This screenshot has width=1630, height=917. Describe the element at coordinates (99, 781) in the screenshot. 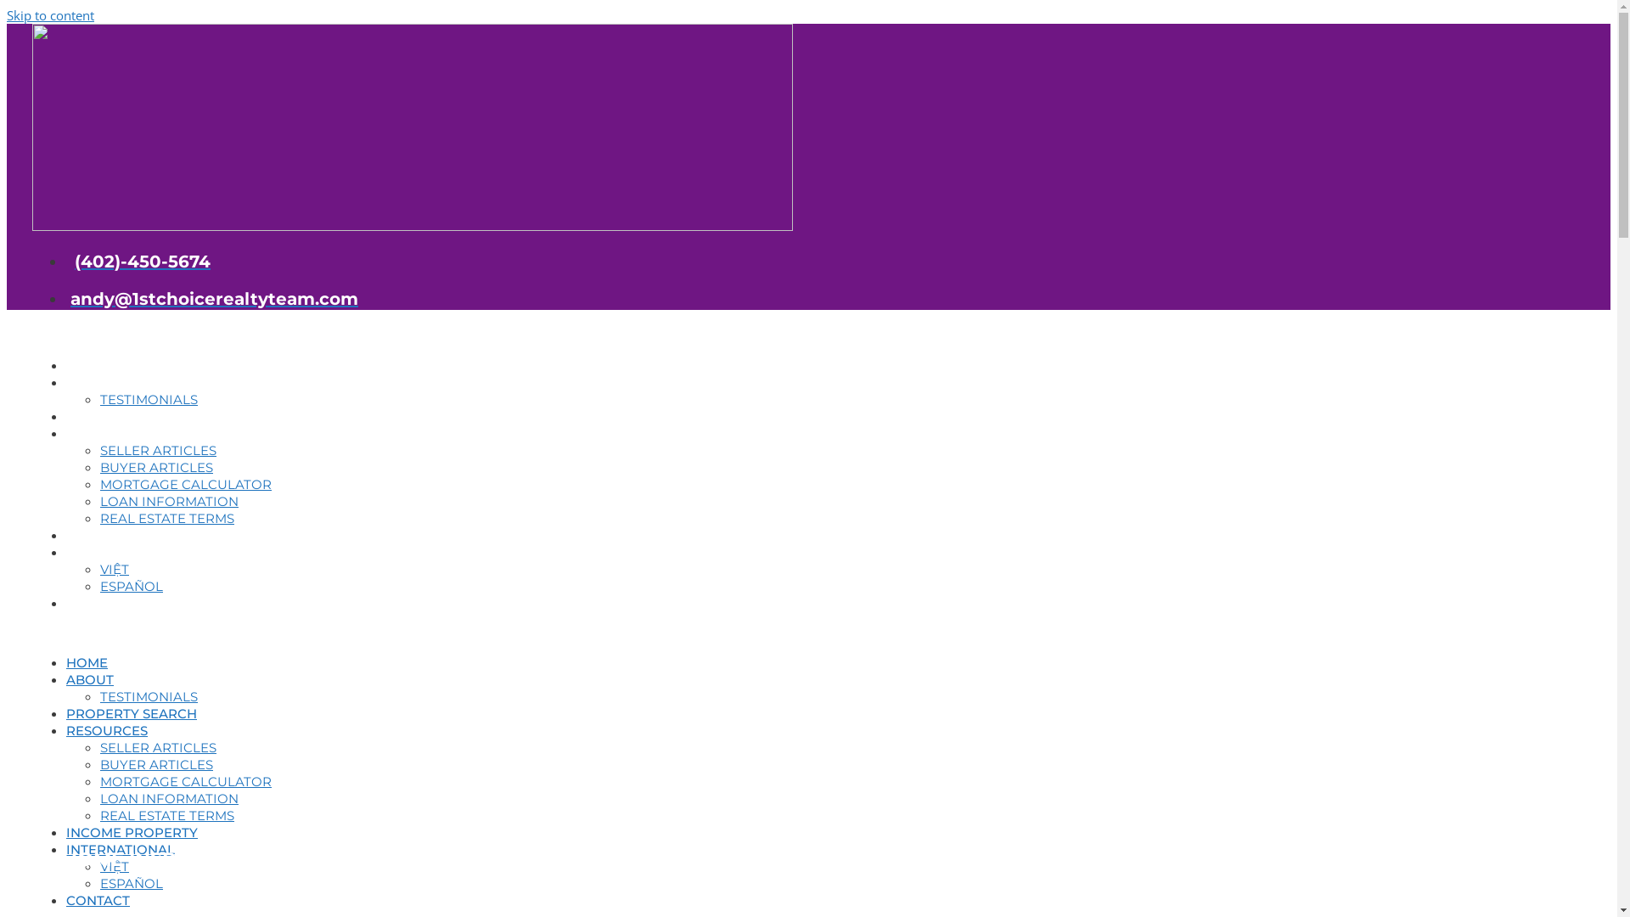

I see `'MORTGAGE CALCULATOR'` at that location.